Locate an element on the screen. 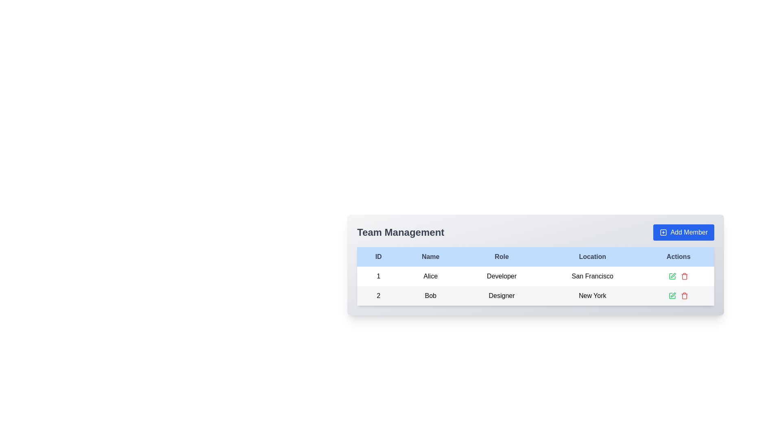  the rows of the 'Team Management' data table is located at coordinates (535, 265).